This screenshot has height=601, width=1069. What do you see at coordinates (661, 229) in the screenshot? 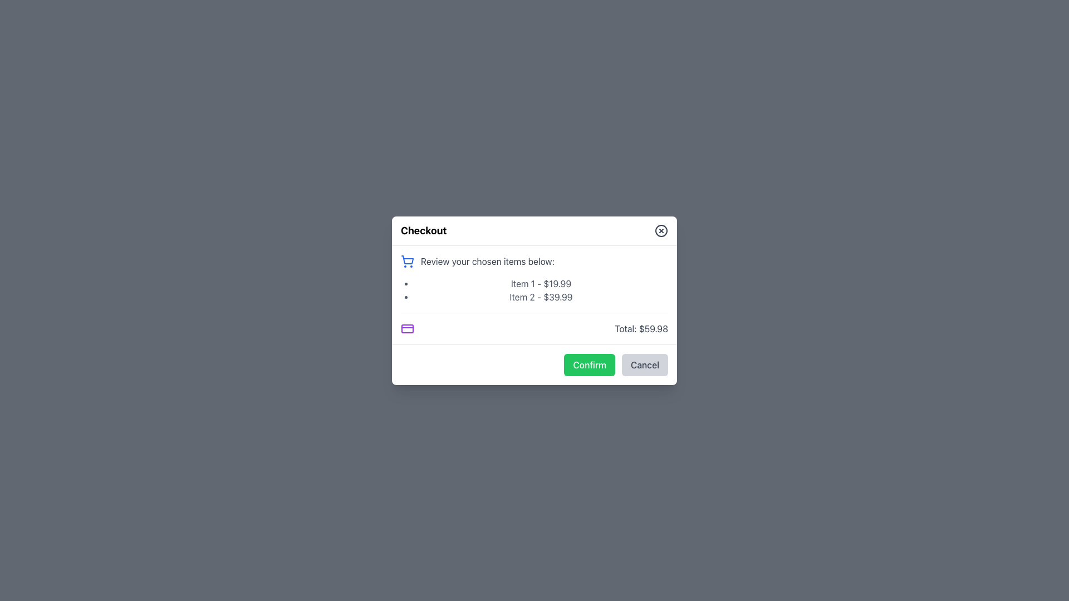
I see `the circular SVG element that is part of the 'Close' icon located at the top-right corner of the modal dialog window` at bounding box center [661, 229].